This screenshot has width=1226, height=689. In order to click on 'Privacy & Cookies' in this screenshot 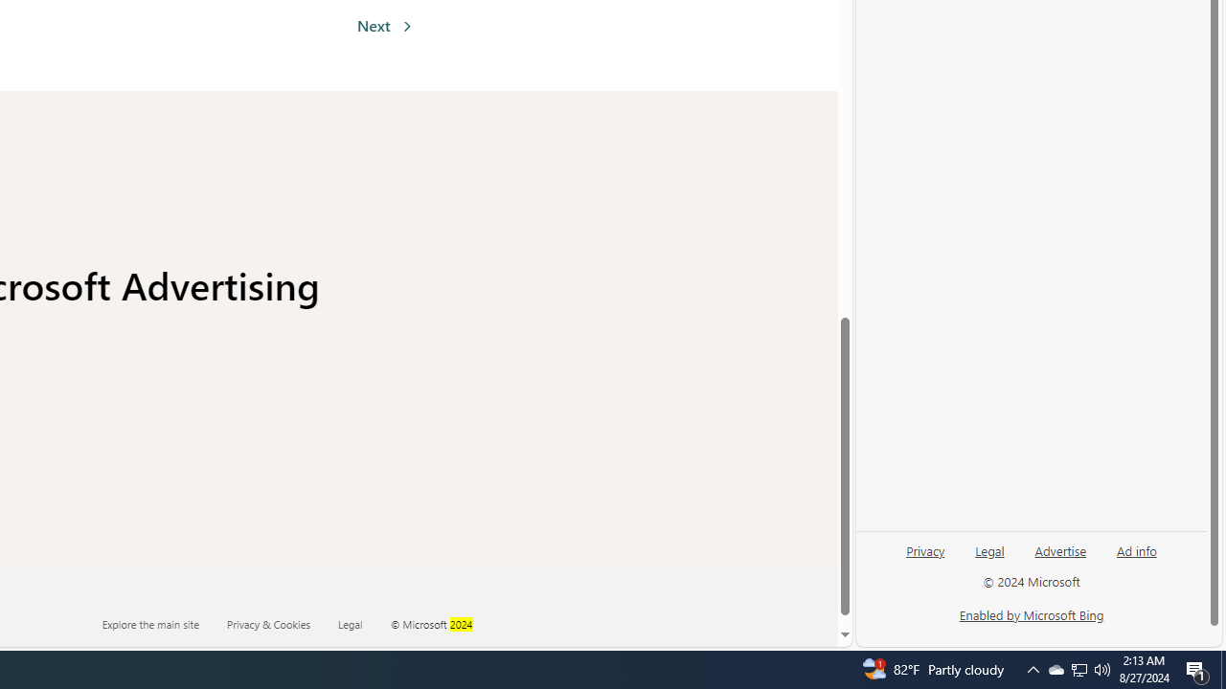, I will do `click(280, 623)`.